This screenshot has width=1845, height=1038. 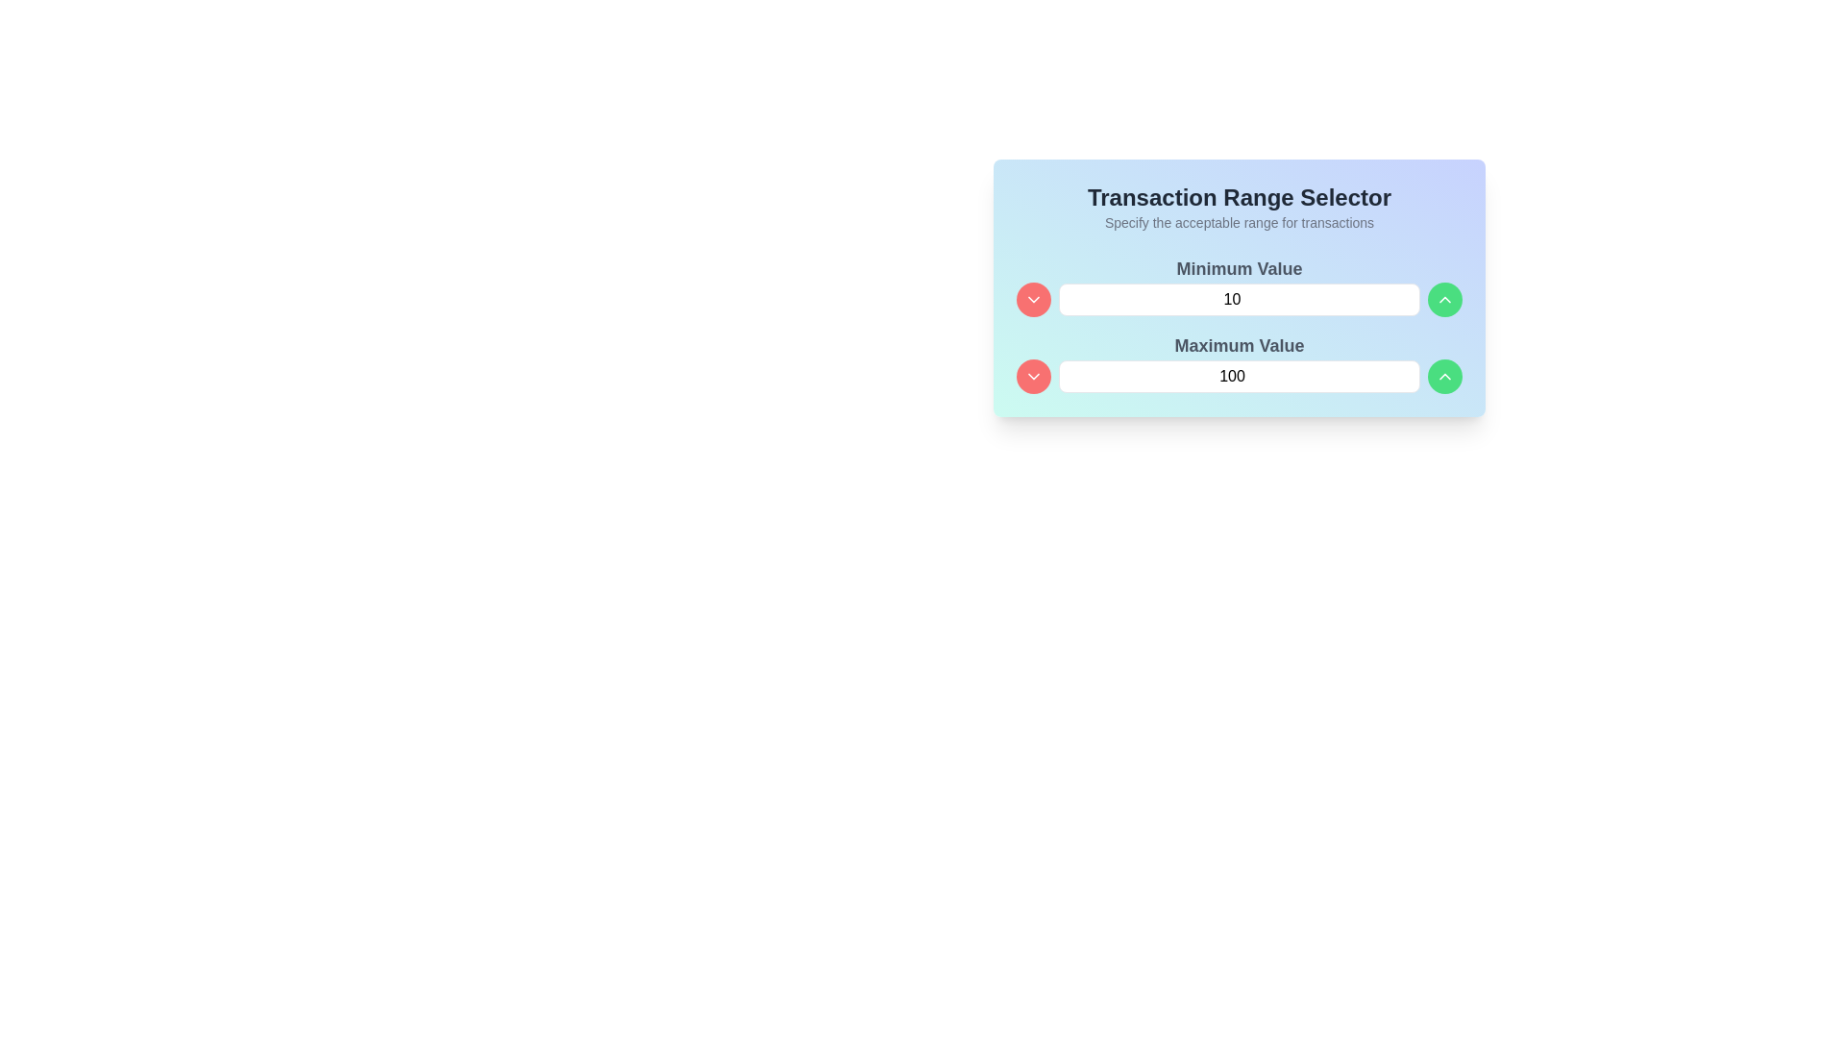 What do you see at coordinates (1444, 377) in the screenshot?
I see `the upward-pointing chevron icon inside the green circular button to increase the value` at bounding box center [1444, 377].